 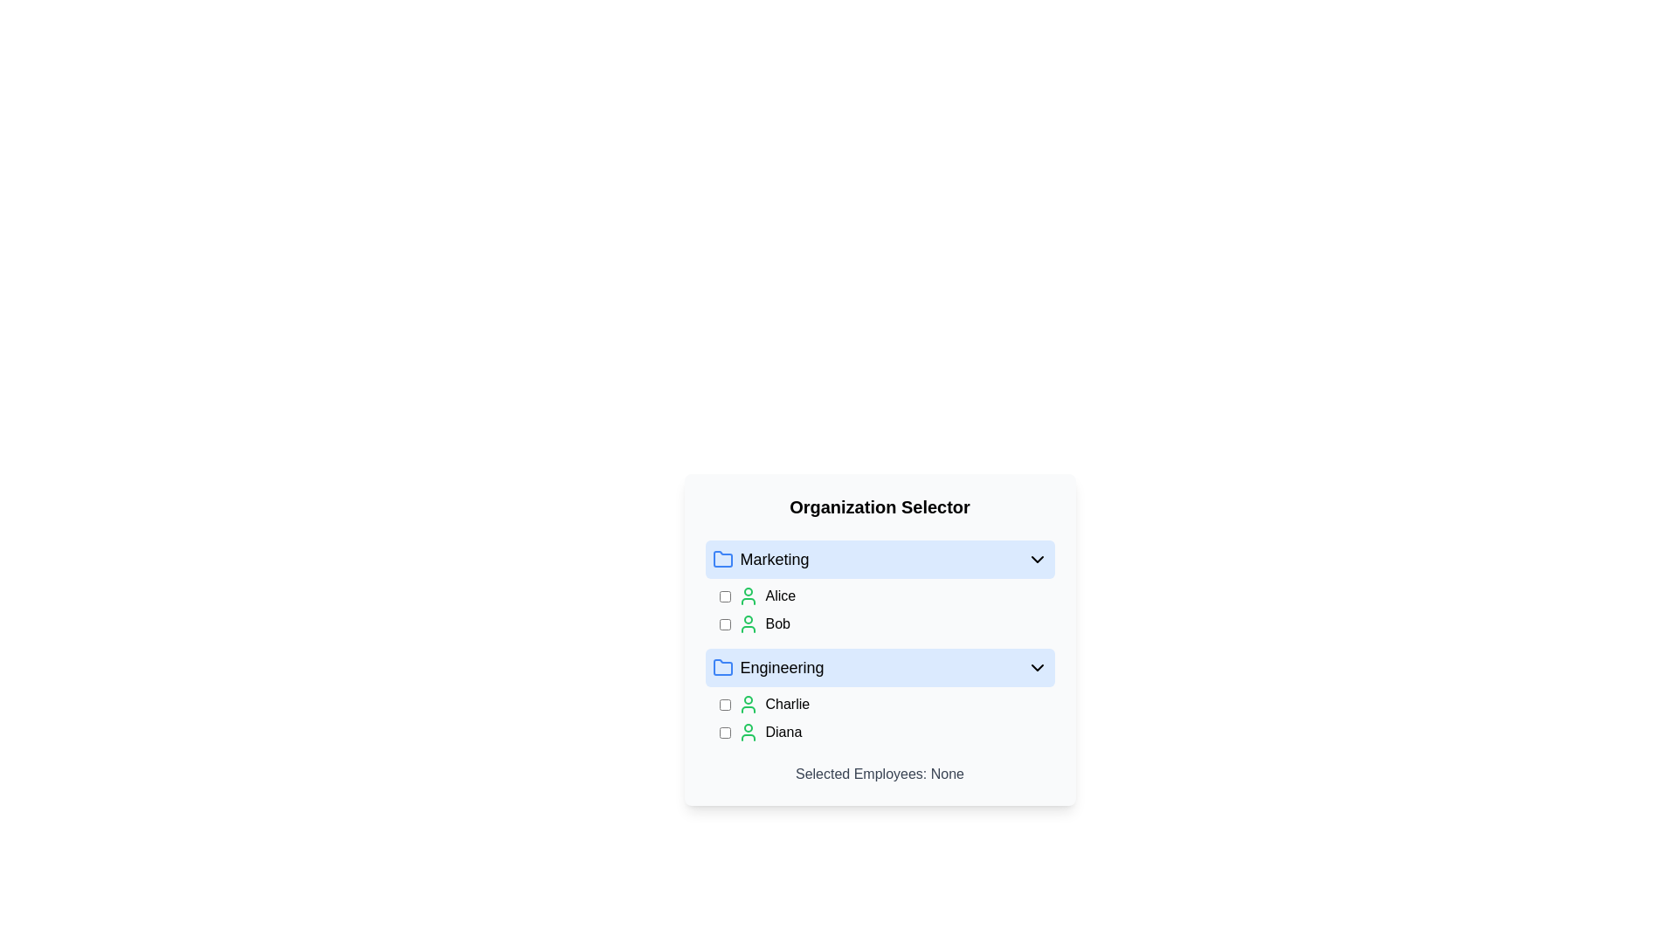 What do you see at coordinates (779, 595) in the screenshot?
I see `the static text element displaying the name 'Alice', which is located in the 'Marketing' section, aligned to the right of the user icon and checkbox, specifically in the second row of the list` at bounding box center [779, 595].